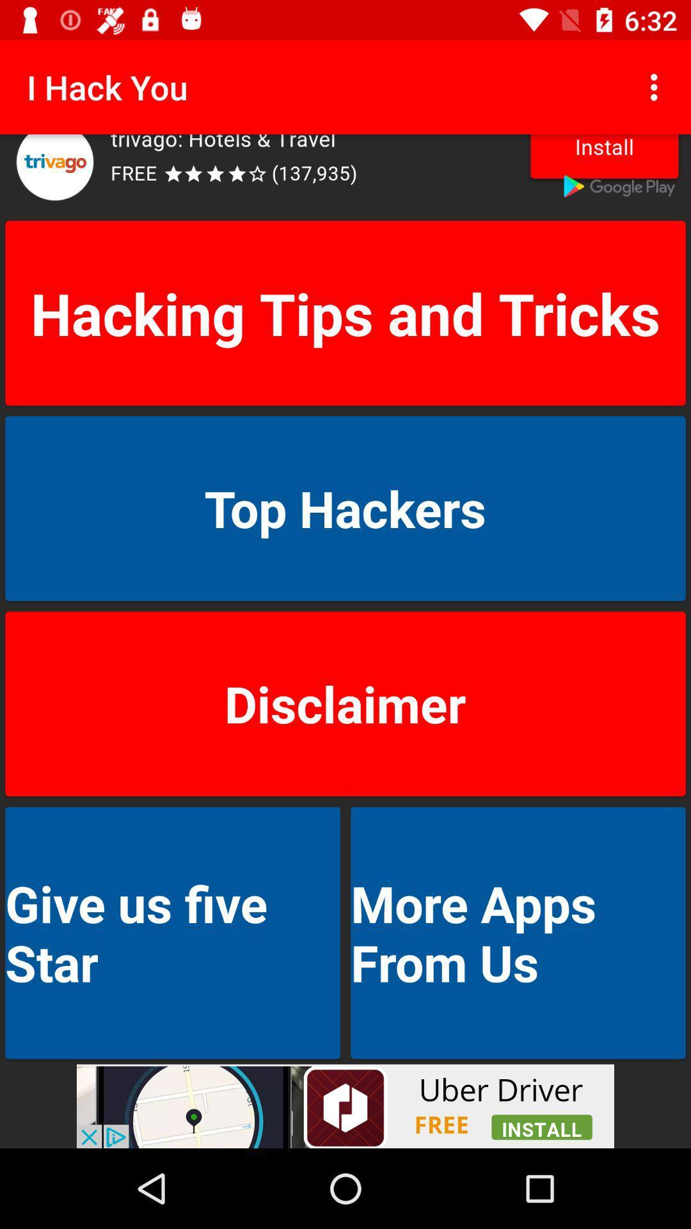 This screenshot has width=691, height=1229. What do you see at coordinates (345, 174) in the screenshot?
I see `click advertisement` at bounding box center [345, 174].